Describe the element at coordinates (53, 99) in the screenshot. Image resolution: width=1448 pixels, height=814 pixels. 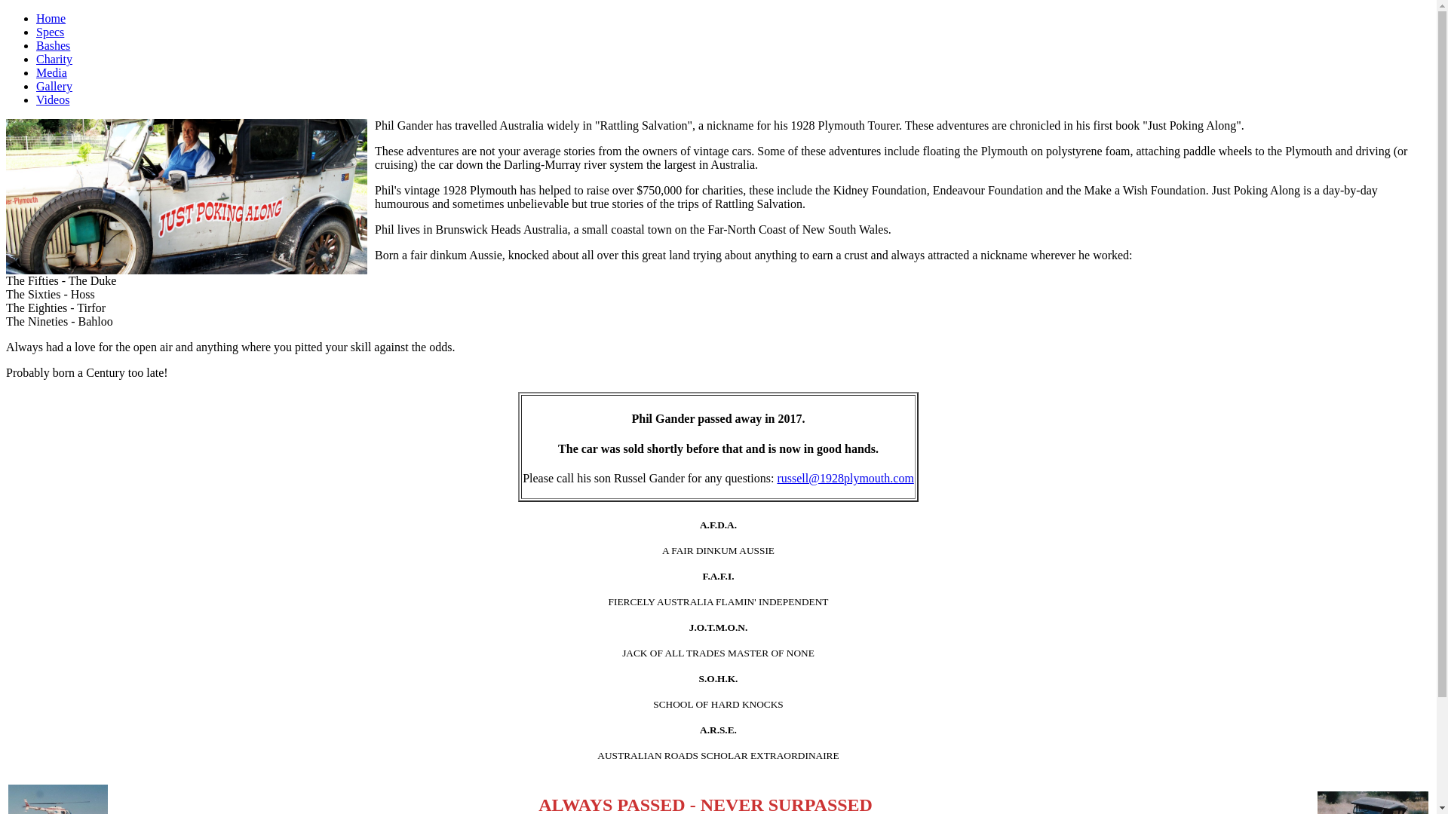
I see `'Videos'` at that location.